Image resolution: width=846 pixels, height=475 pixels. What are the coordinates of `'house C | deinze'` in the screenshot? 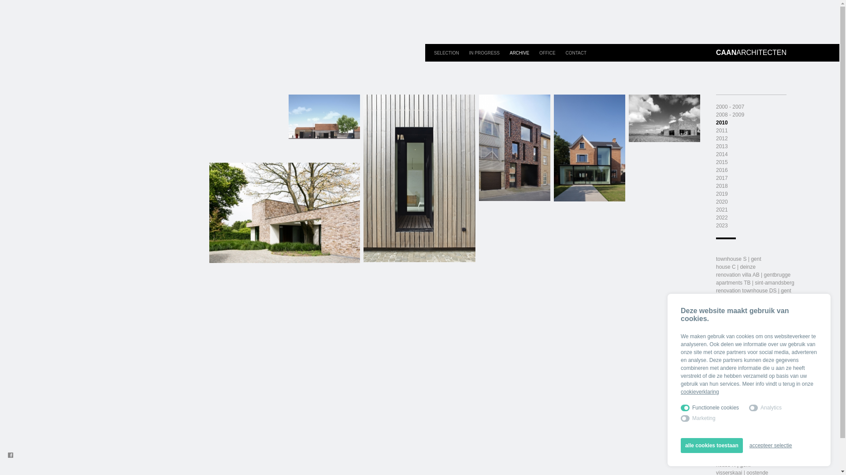 It's located at (716, 266).